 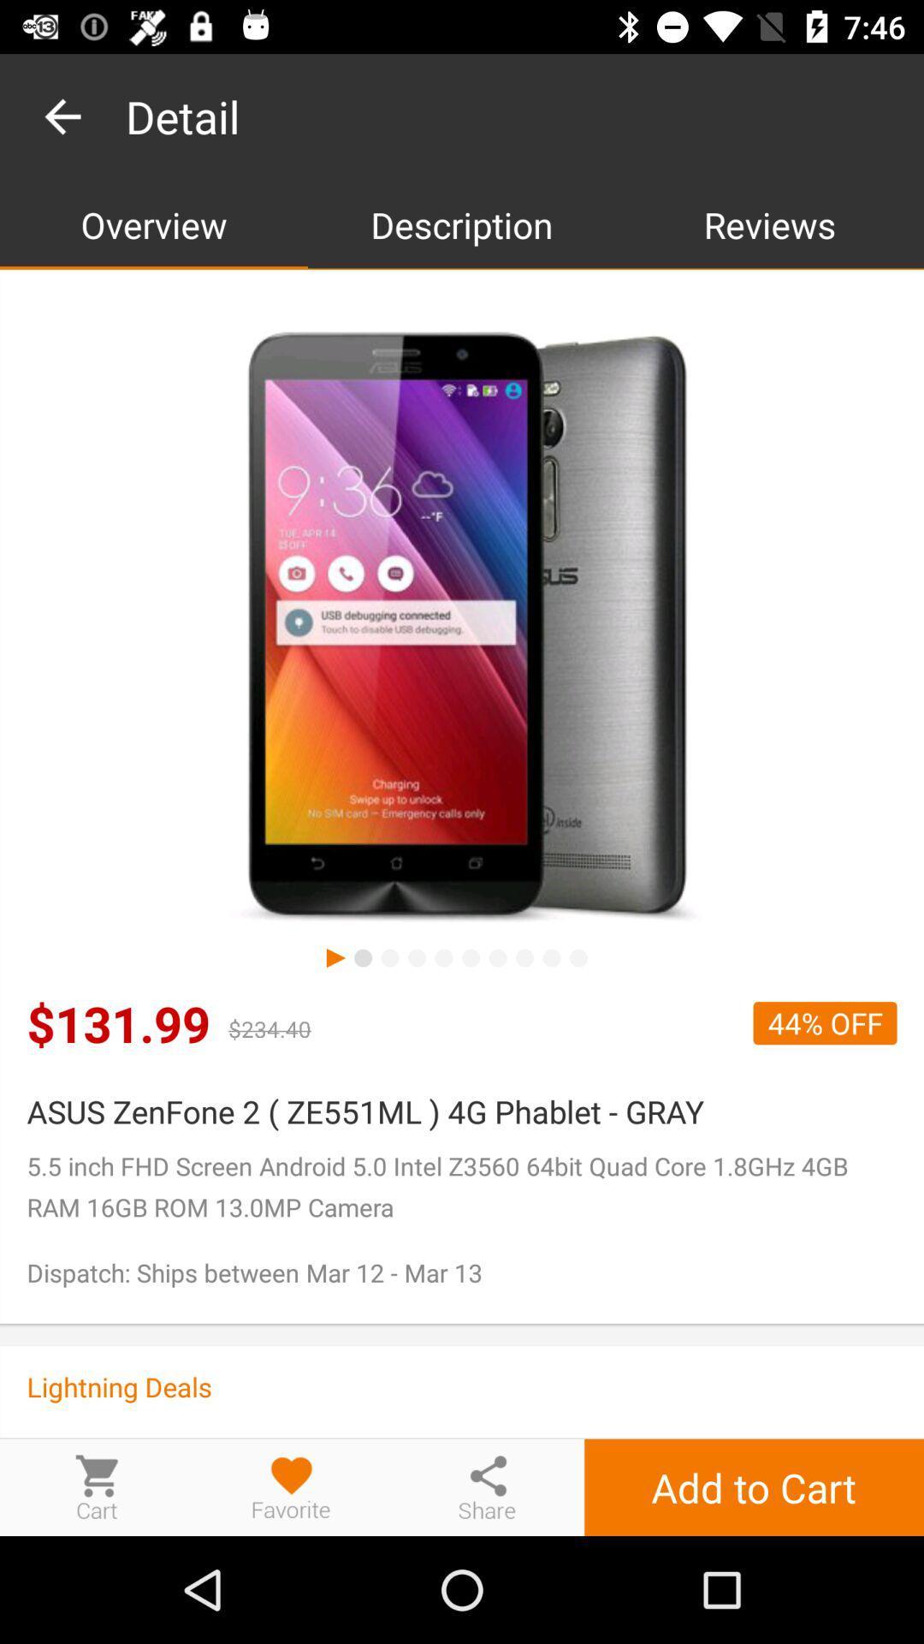 I want to click on like/favorite, so click(x=291, y=1486).